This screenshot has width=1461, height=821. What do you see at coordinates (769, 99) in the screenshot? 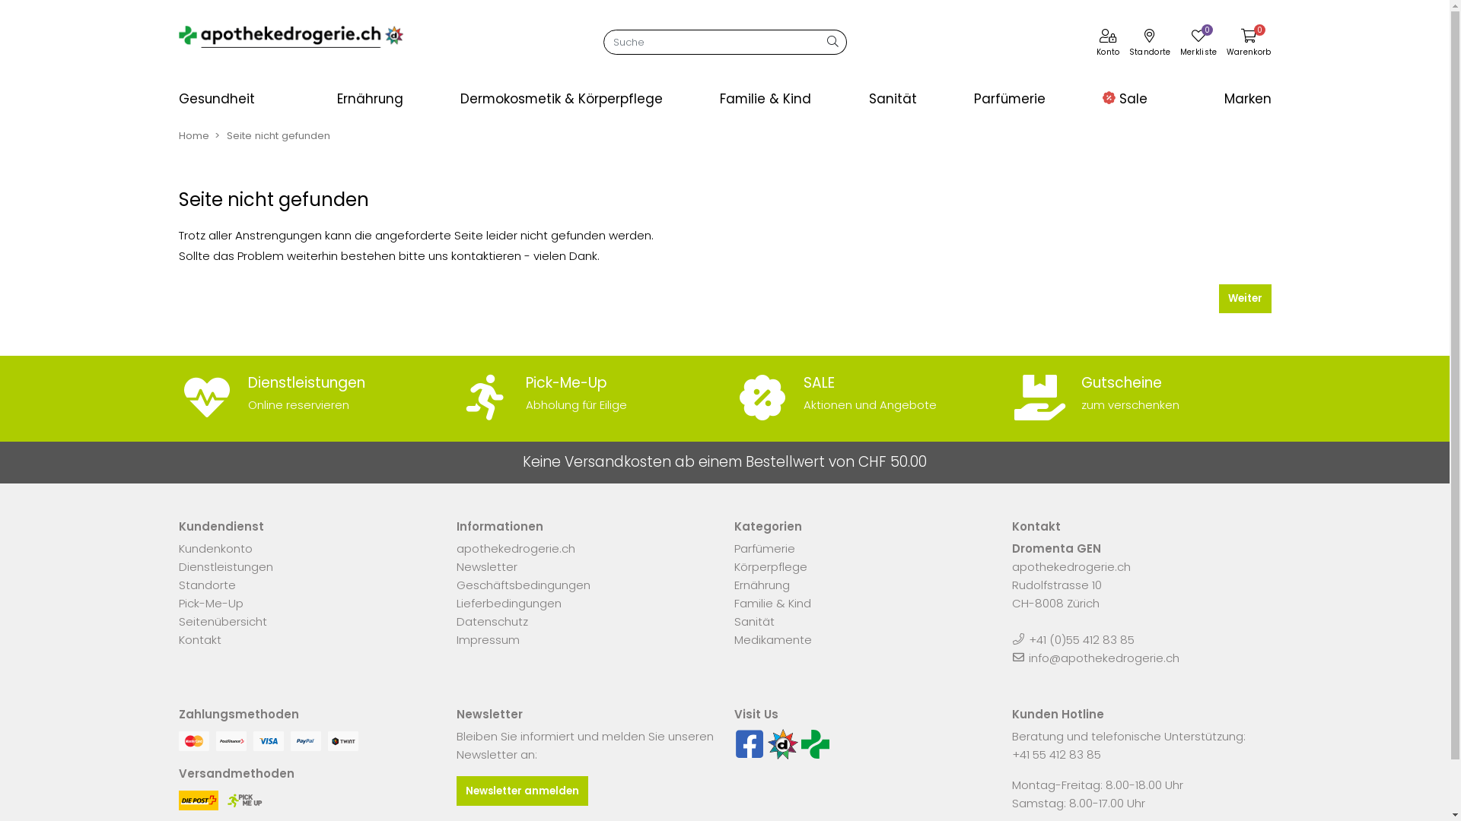
I see `'Familie & Kind'` at bounding box center [769, 99].